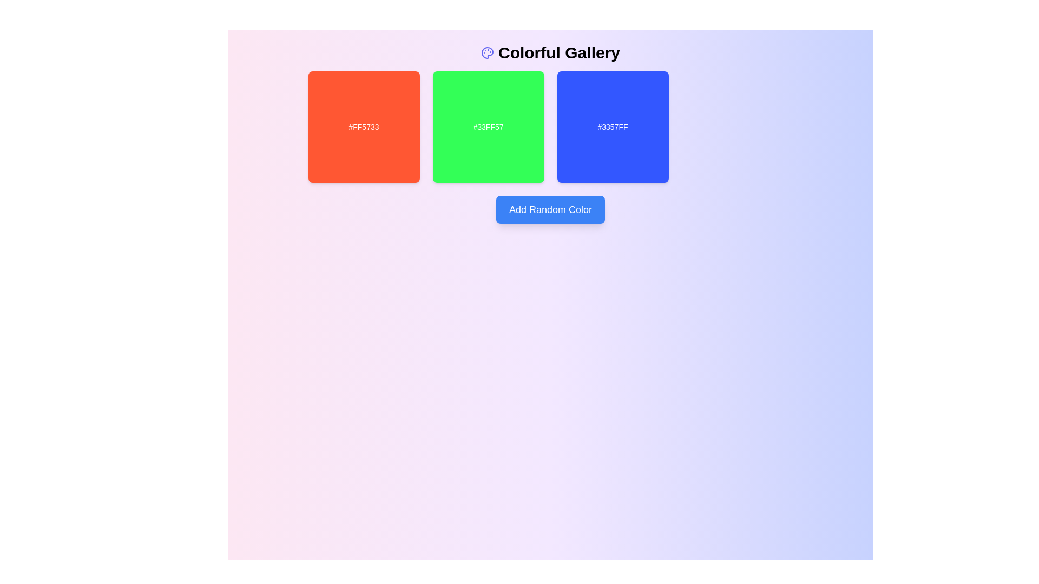 This screenshot has width=1039, height=584. I want to click on the Color Display Tile, which is the bright green square with rounded corners and white text displaying the color code #33FF57, located in the center of a horizontal grid of three squares, so click(488, 127).